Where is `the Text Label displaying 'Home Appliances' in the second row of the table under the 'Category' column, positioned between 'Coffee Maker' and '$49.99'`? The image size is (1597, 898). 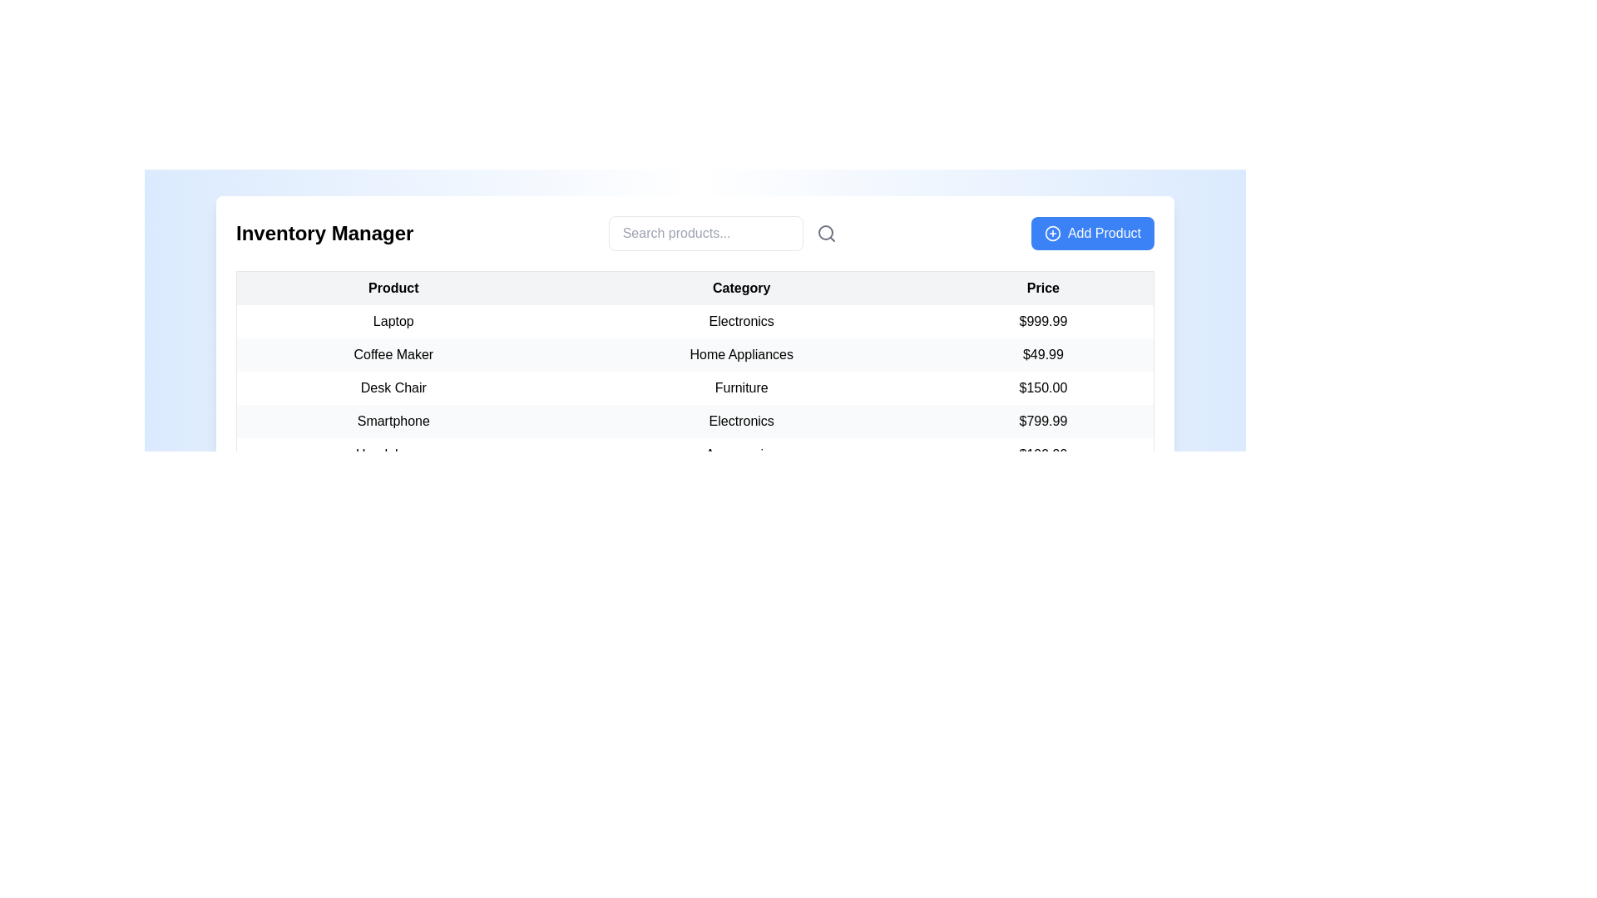
the Text Label displaying 'Home Appliances' in the second row of the table under the 'Category' column, positioned between 'Coffee Maker' and '$49.99' is located at coordinates (740, 354).